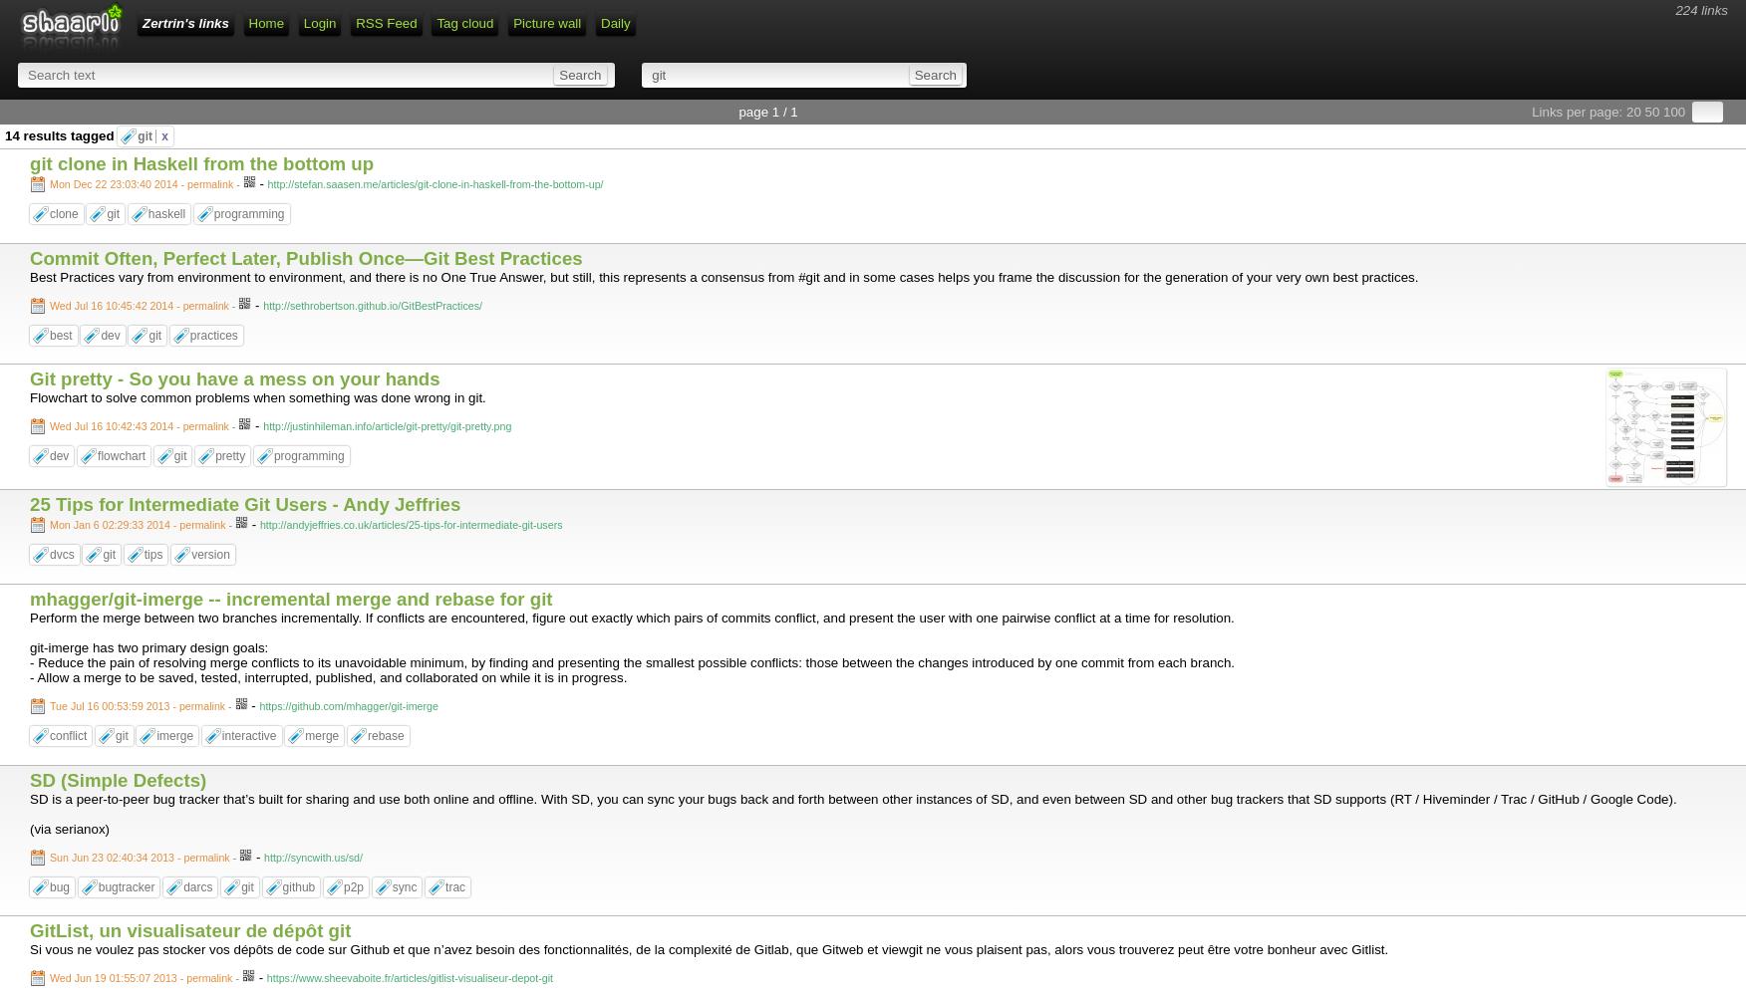 Image resolution: width=1746 pixels, height=996 pixels. What do you see at coordinates (117, 779) in the screenshot?
I see `'SD (Simple Defects)'` at bounding box center [117, 779].